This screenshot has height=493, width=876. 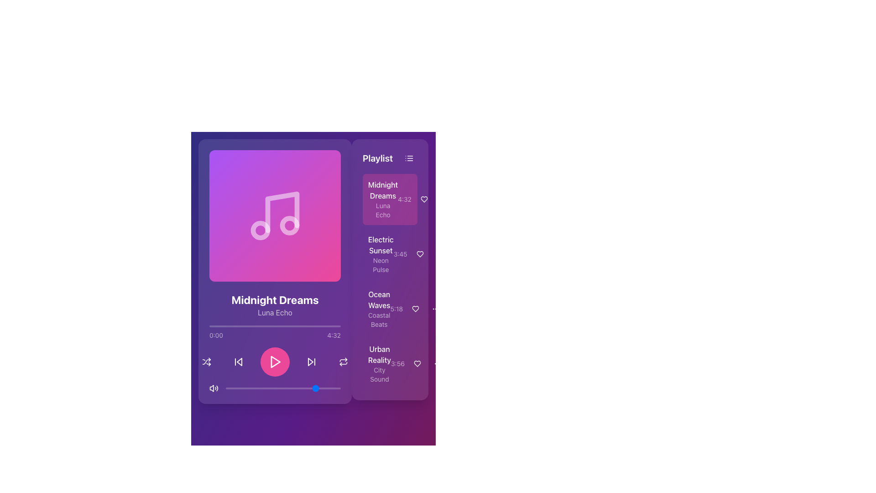 What do you see at coordinates (275, 362) in the screenshot?
I see `the play button located centrally in the player control section to observe the hover effect` at bounding box center [275, 362].